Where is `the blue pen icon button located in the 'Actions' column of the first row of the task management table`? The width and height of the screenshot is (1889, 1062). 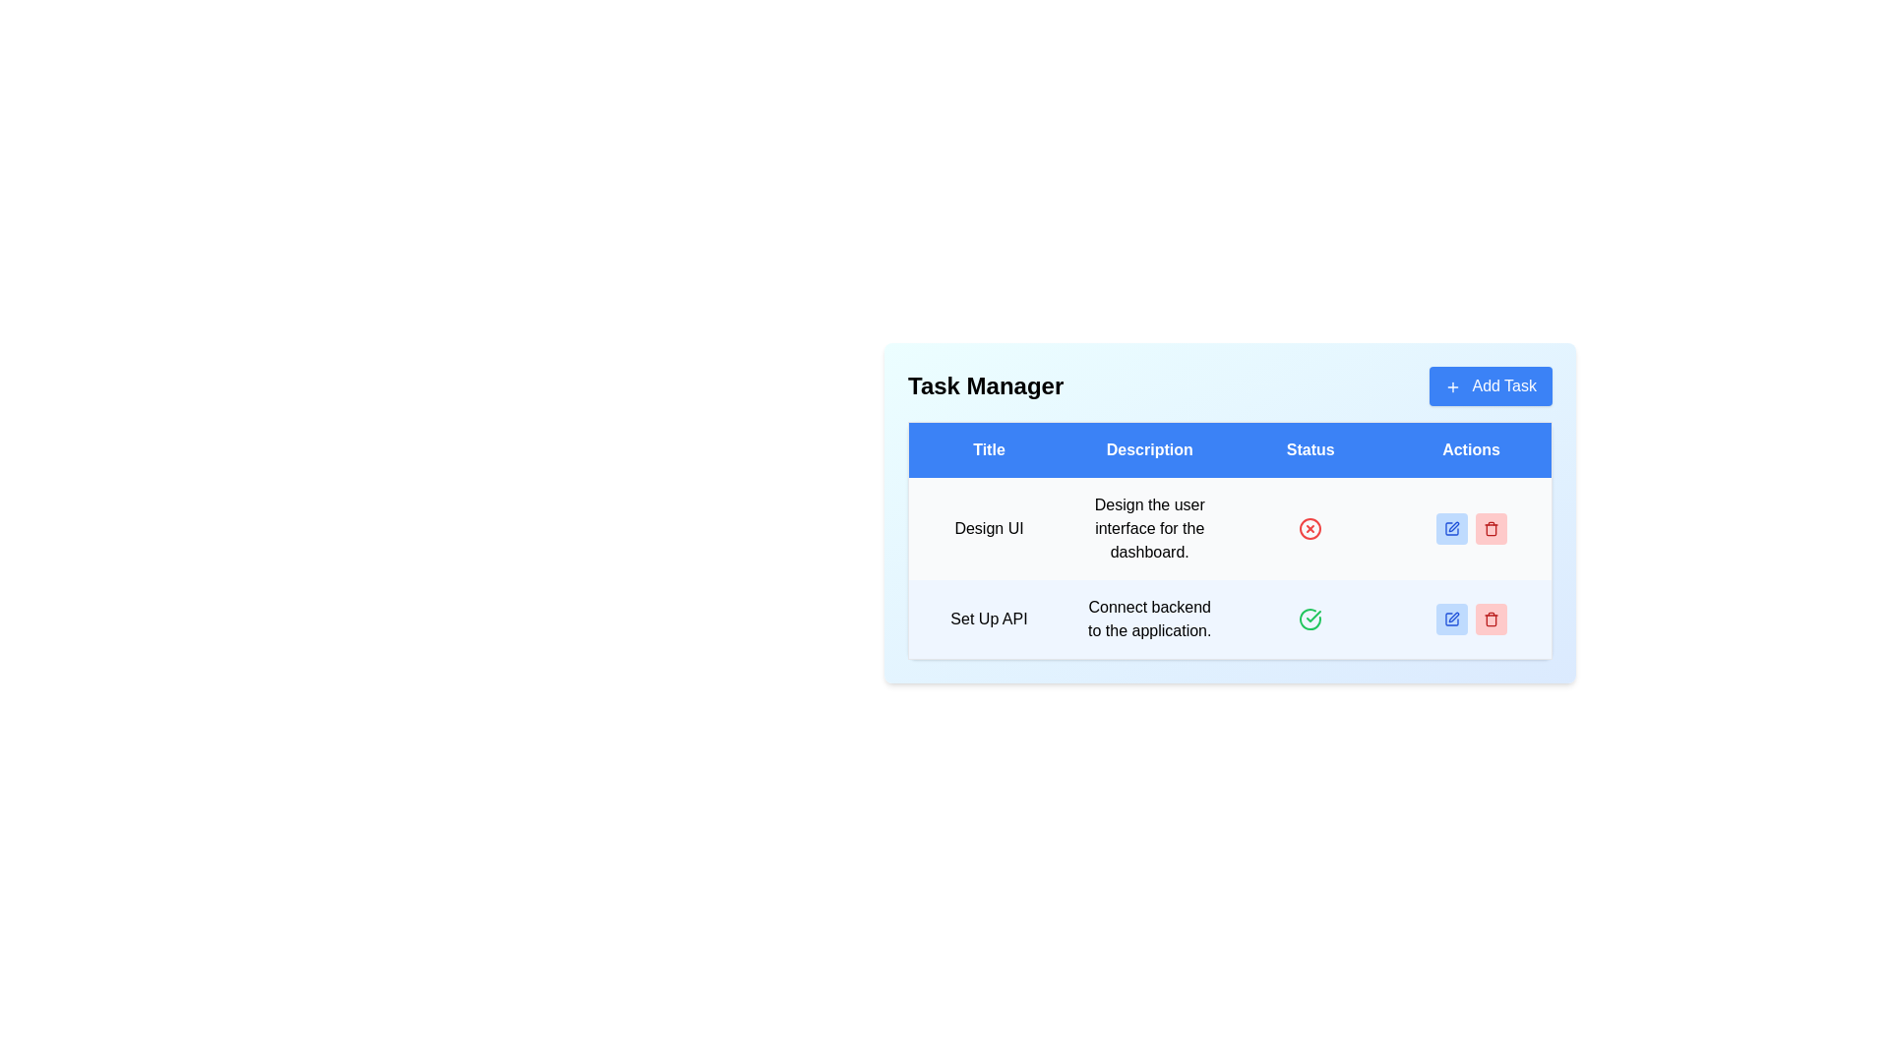
the blue pen icon button located in the 'Actions' column of the first row of the task management table is located at coordinates (1471, 527).